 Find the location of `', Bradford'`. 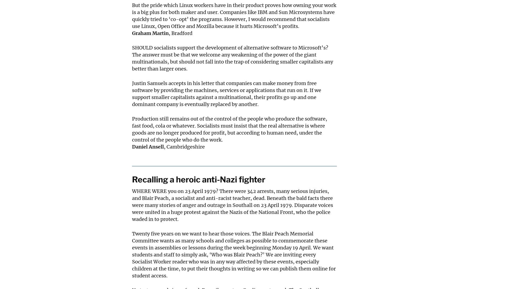

', Bradford' is located at coordinates (169, 33).